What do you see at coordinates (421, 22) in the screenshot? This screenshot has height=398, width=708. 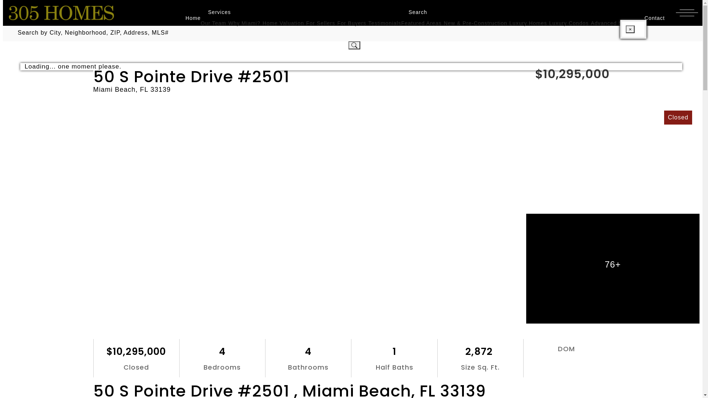 I see `'Featured Areas'` at bounding box center [421, 22].